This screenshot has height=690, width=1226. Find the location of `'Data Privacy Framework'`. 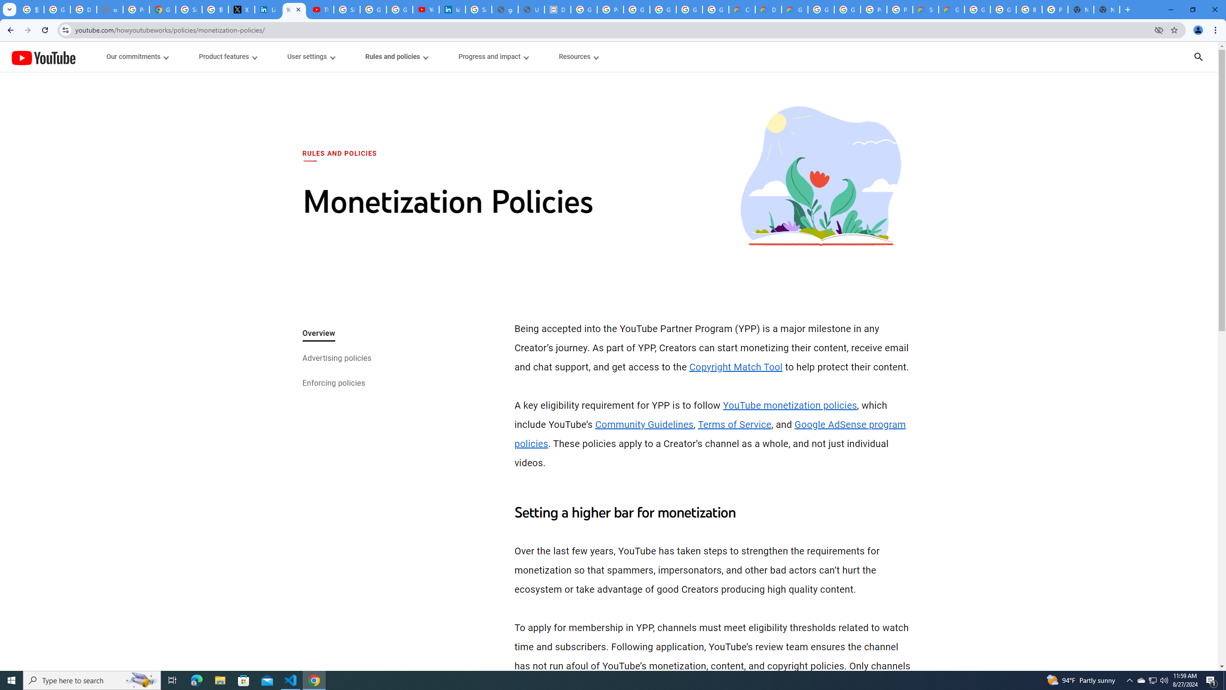

'Data Privacy Framework' is located at coordinates (557, 9).